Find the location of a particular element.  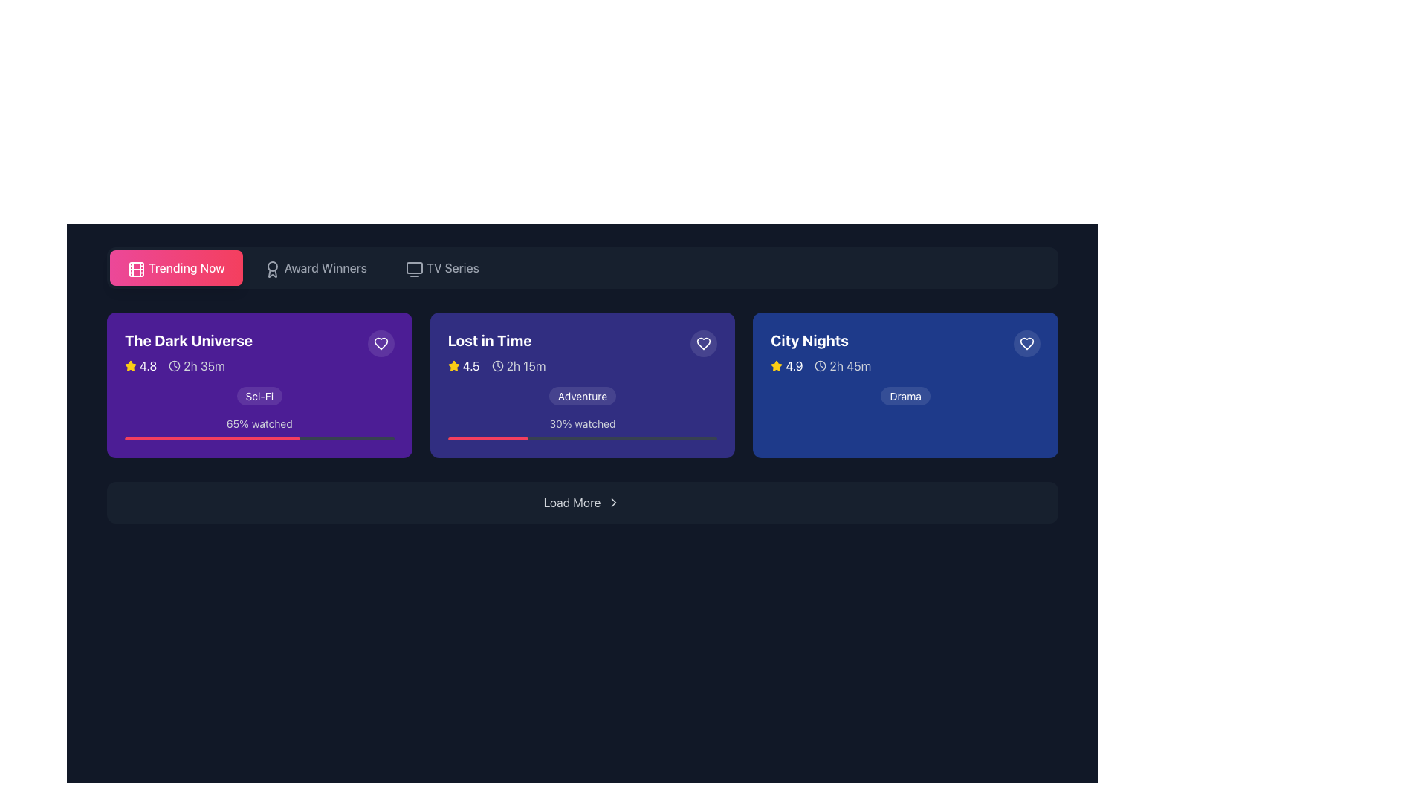

the third button, which serves as a filter for TV series content, to update the displayed items accordingly is located at coordinates (441, 268).